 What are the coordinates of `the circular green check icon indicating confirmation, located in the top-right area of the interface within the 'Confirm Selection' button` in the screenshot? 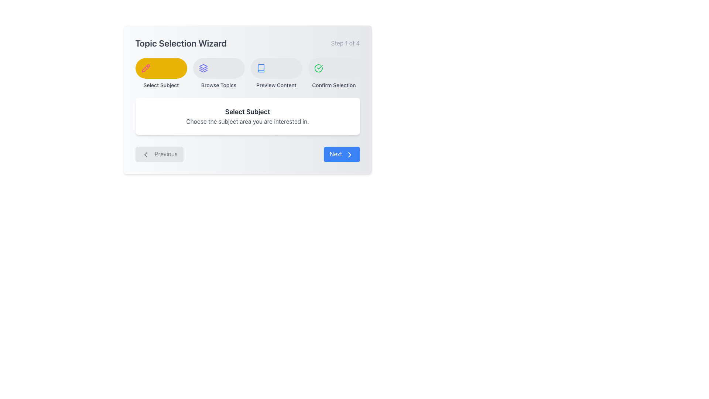 It's located at (318, 68).